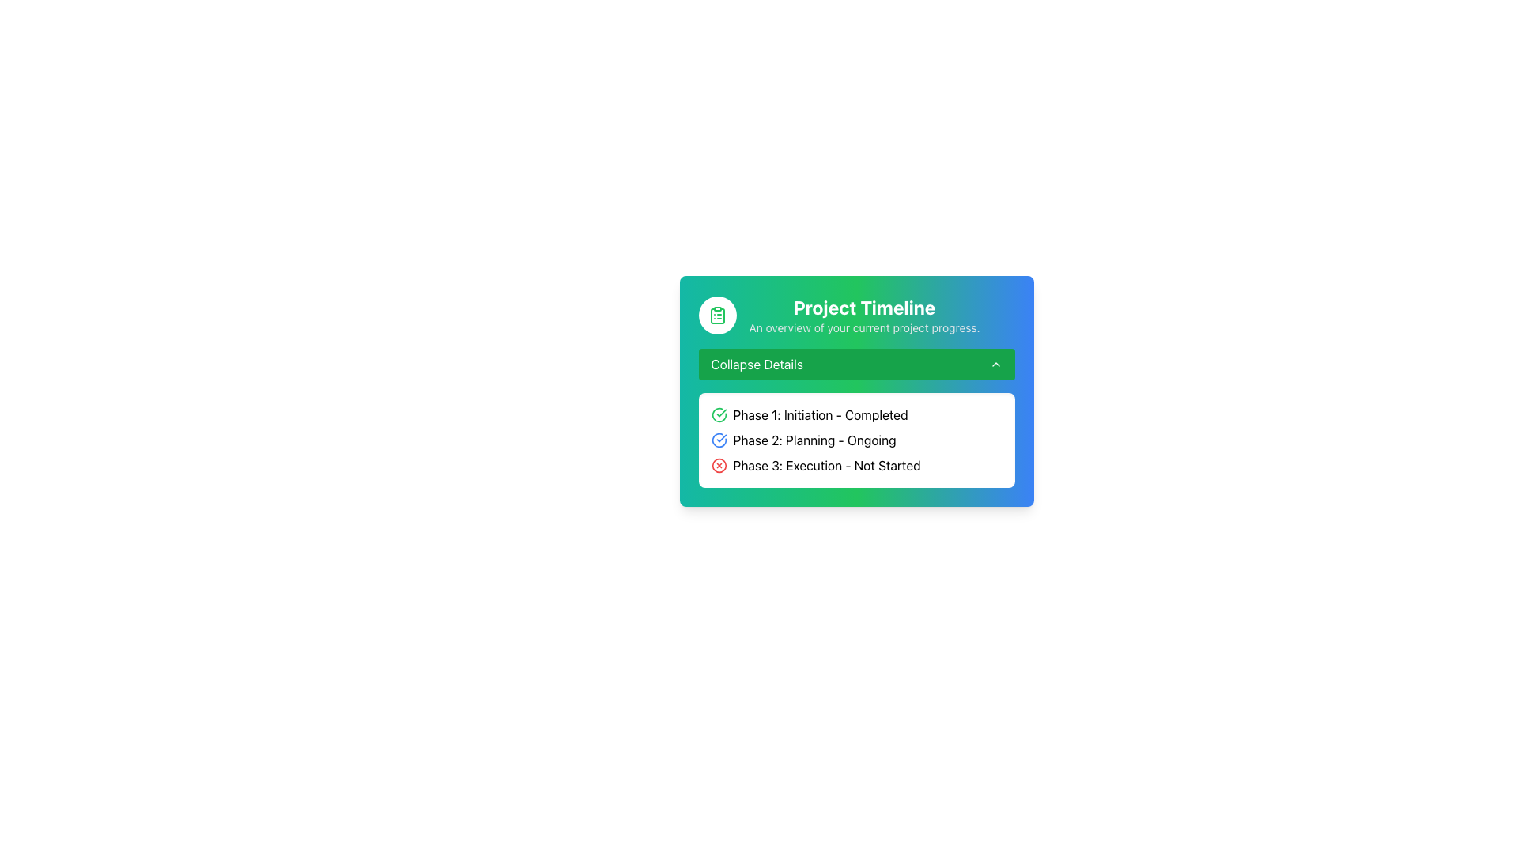  I want to click on text block titled 'Project Timeline', which contains a bold heading and a subtitle, displayed on a green-blue gradient background, positioned at the top of the main project details panel, so click(863, 315).